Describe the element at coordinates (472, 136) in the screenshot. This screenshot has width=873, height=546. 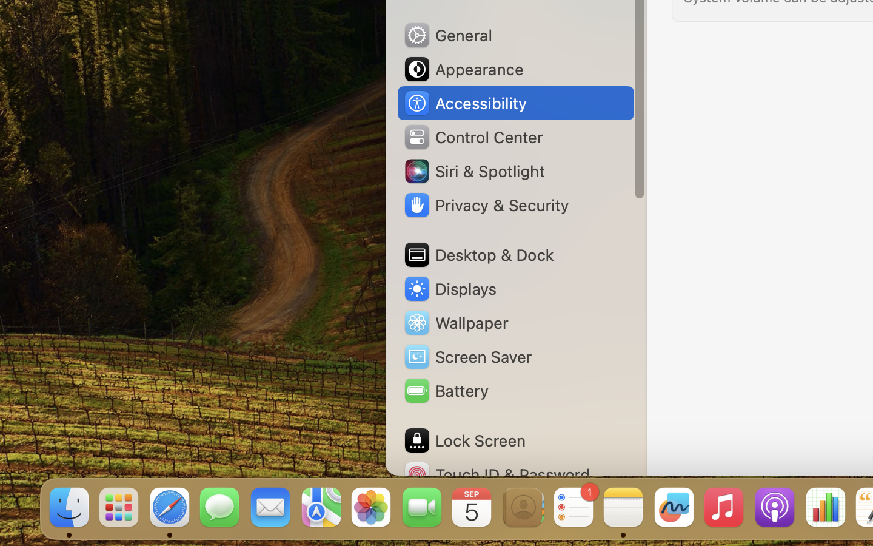
I see `'Control Center'` at that location.